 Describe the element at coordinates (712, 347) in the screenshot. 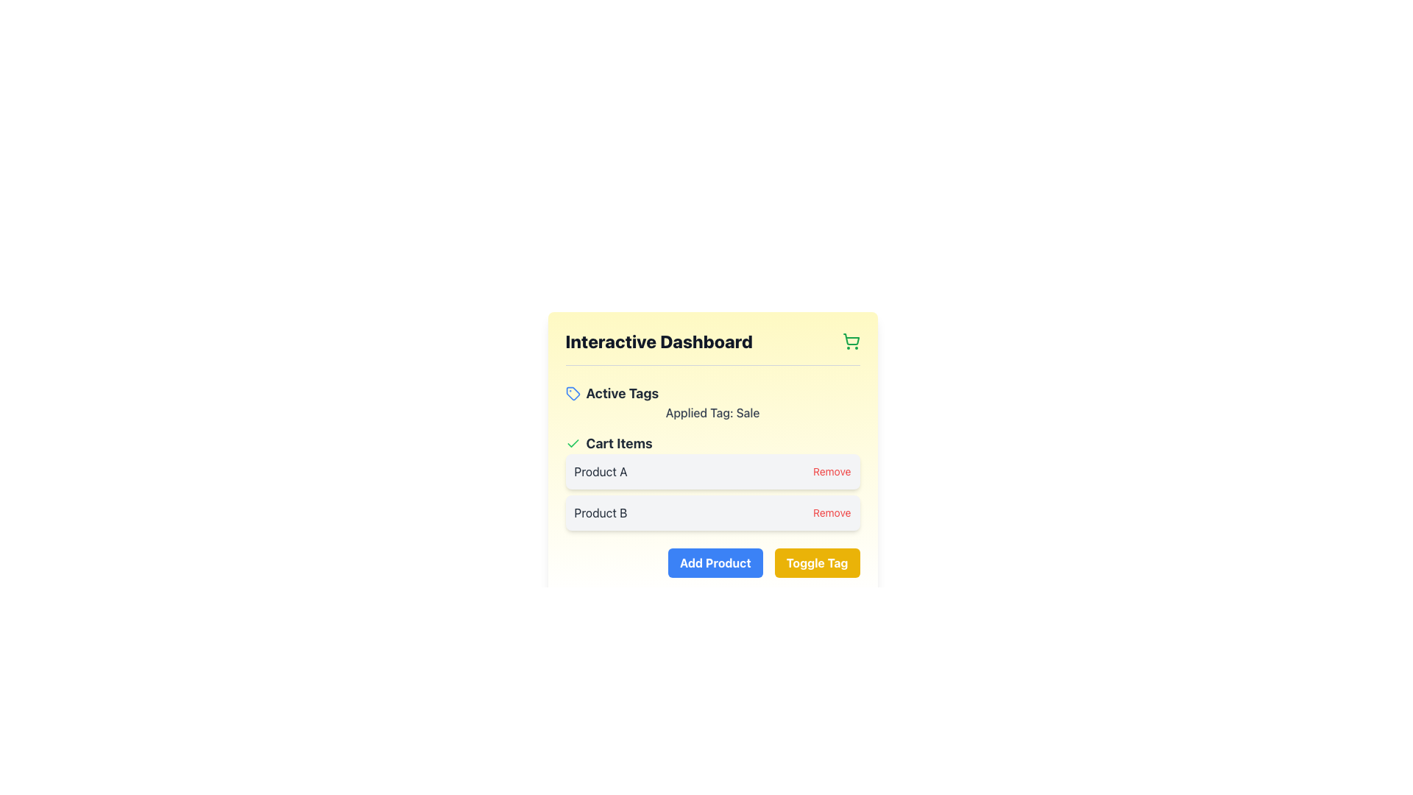

I see `the Header text with an accompanying icon located at the top of the card layout, centered horizontally above 'Active Tags' and 'Cart Items'` at that location.